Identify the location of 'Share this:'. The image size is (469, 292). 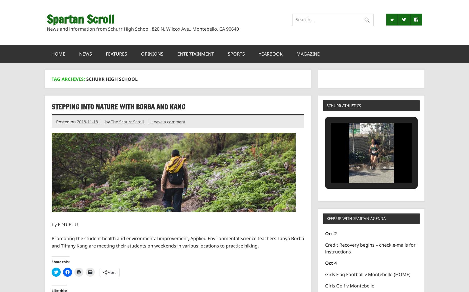
(60, 262).